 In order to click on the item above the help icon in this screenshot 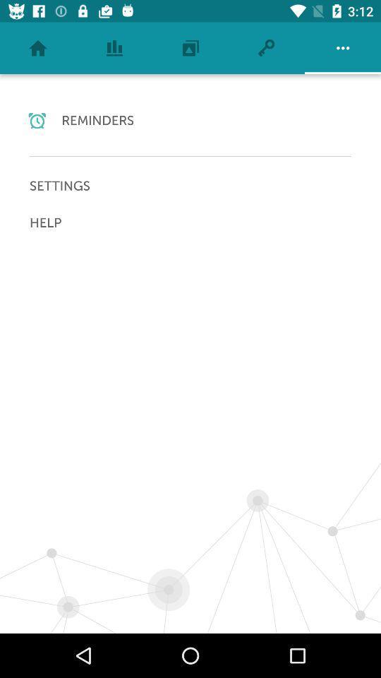, I will do `click(190, 185)`.